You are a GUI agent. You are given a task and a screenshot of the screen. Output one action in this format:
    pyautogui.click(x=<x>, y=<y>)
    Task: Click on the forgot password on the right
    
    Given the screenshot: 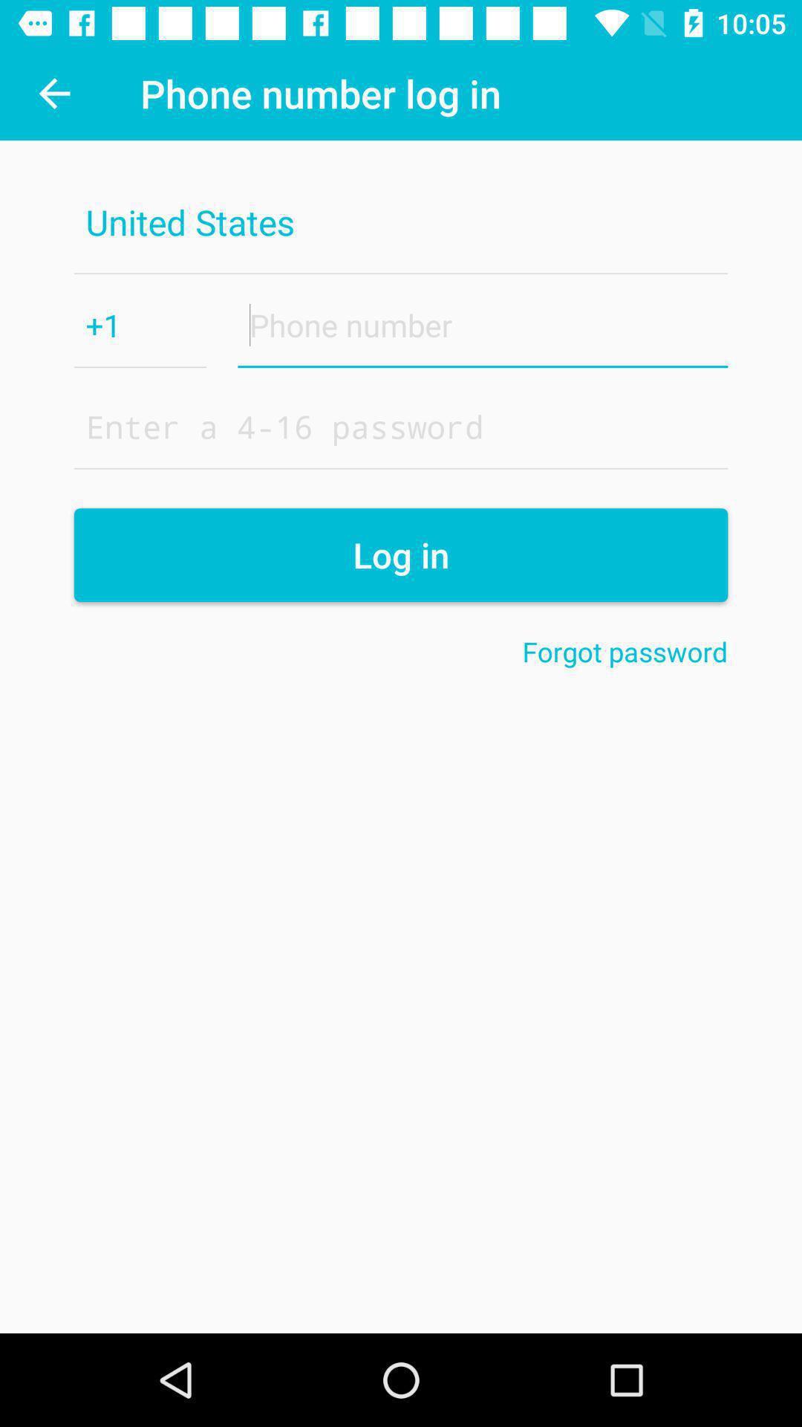 What is the action you would take?
    pyautogui.click(x=625, y=651)
    